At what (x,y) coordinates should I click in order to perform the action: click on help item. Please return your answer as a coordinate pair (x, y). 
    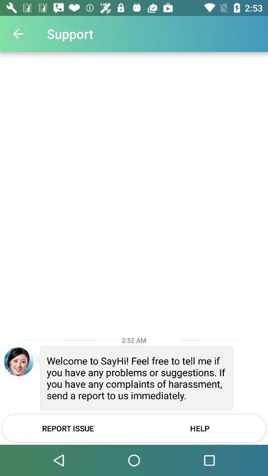
    Looking at the image, I should click on (200, 427).